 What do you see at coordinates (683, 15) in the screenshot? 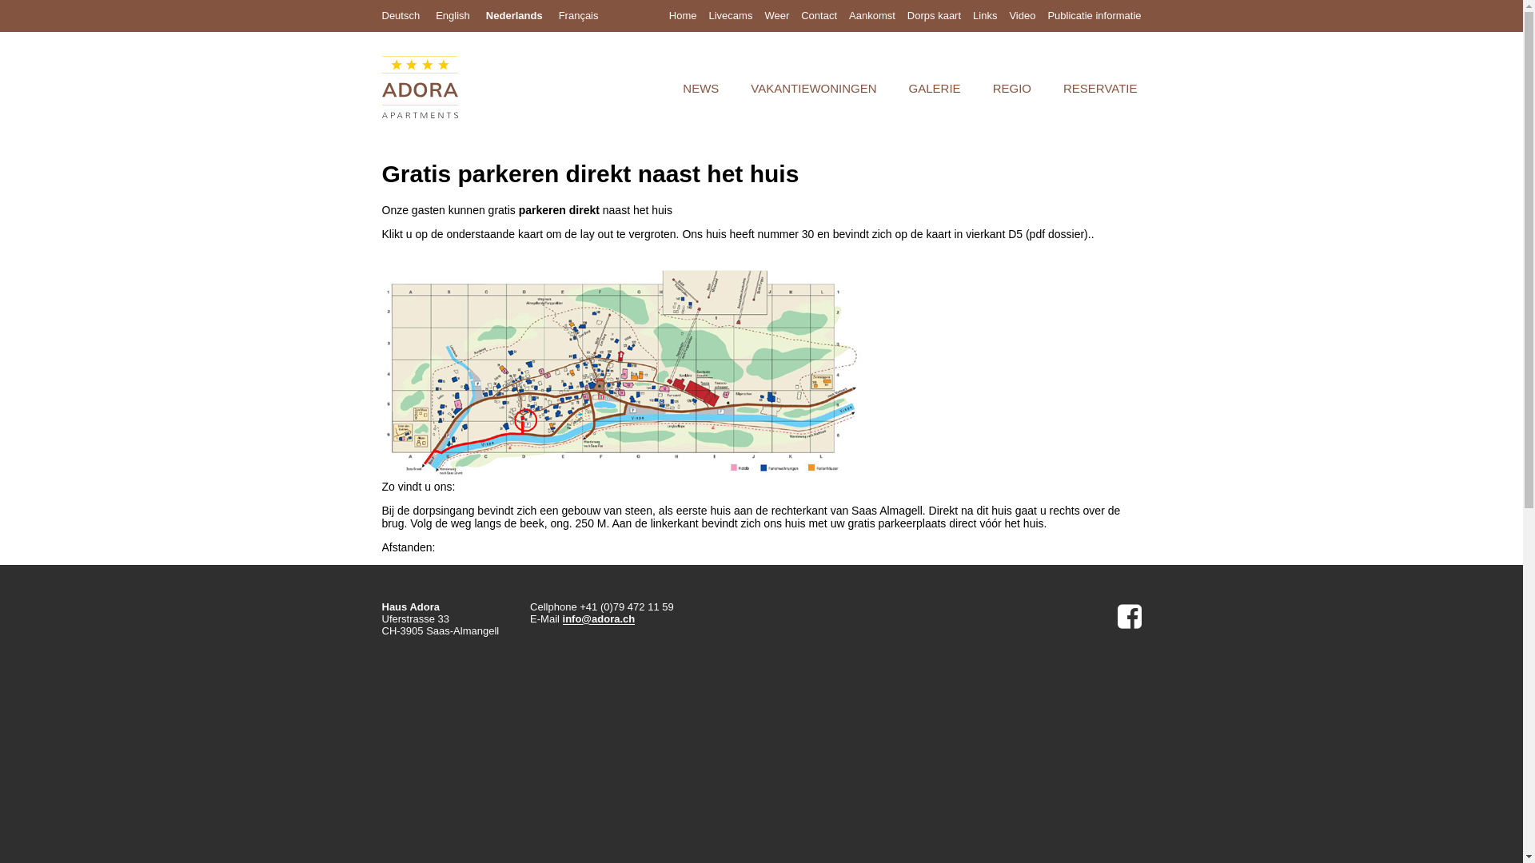
I see `'Home'` at bounding box center [683, 15].